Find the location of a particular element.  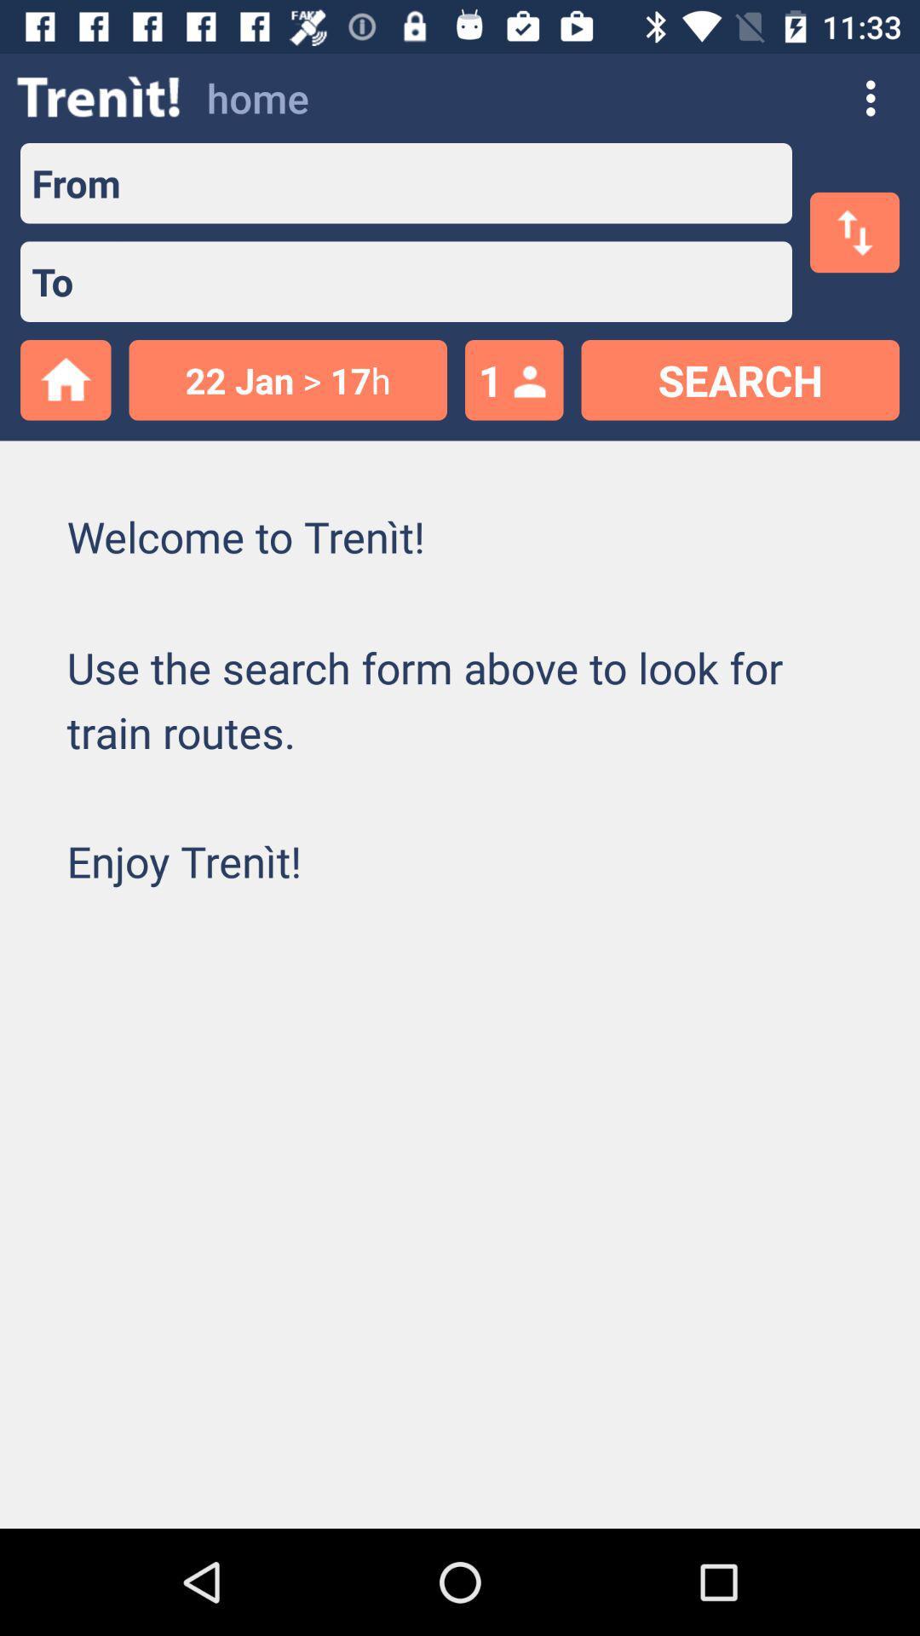

where to start from is located at coordinates (455, 183).